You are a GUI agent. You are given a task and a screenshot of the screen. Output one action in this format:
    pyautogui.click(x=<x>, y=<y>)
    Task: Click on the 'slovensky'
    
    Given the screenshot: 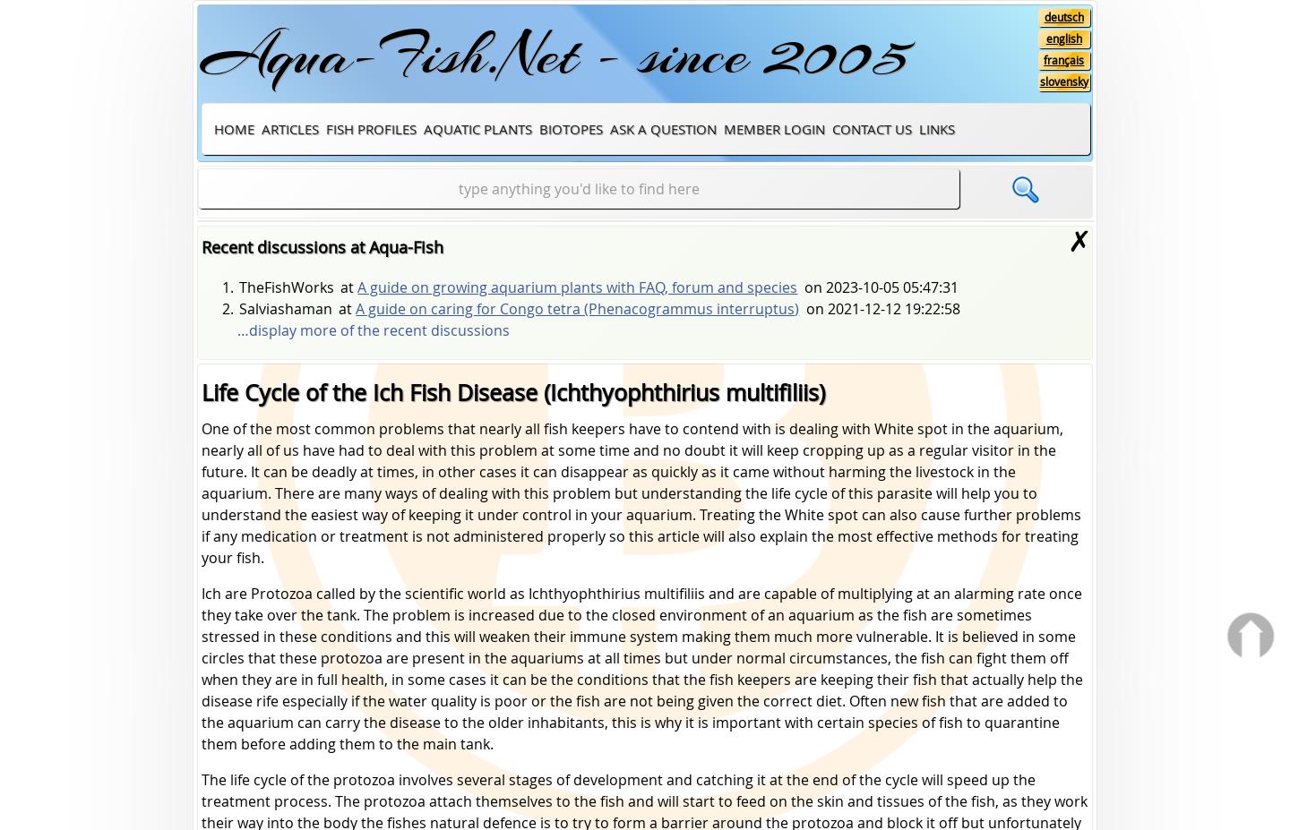 What is the action you would take?
    pyautogui.click(x=1039, y=80)
    